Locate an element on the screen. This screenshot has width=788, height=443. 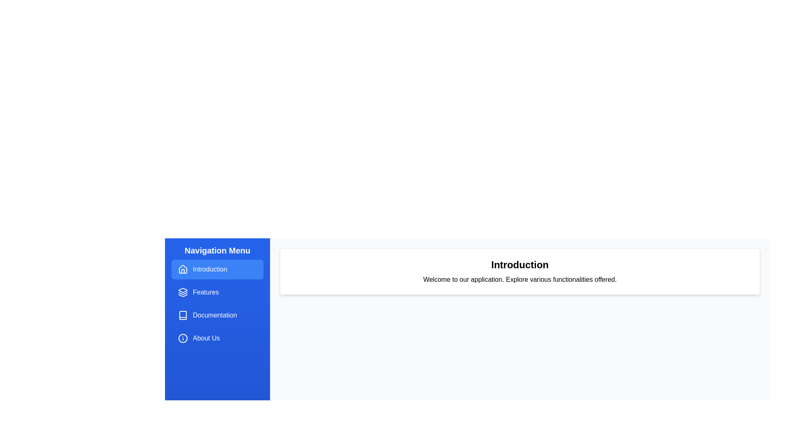
the third Button-like navigation item in the vertical menu is located at coordinates (217, 315).